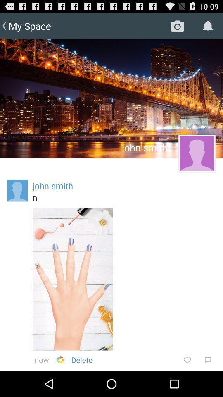 The image size is (223, 397). Describe the element at coordinates (52, 186) in the screenshot. I see `move to text which is above the n` at that location.